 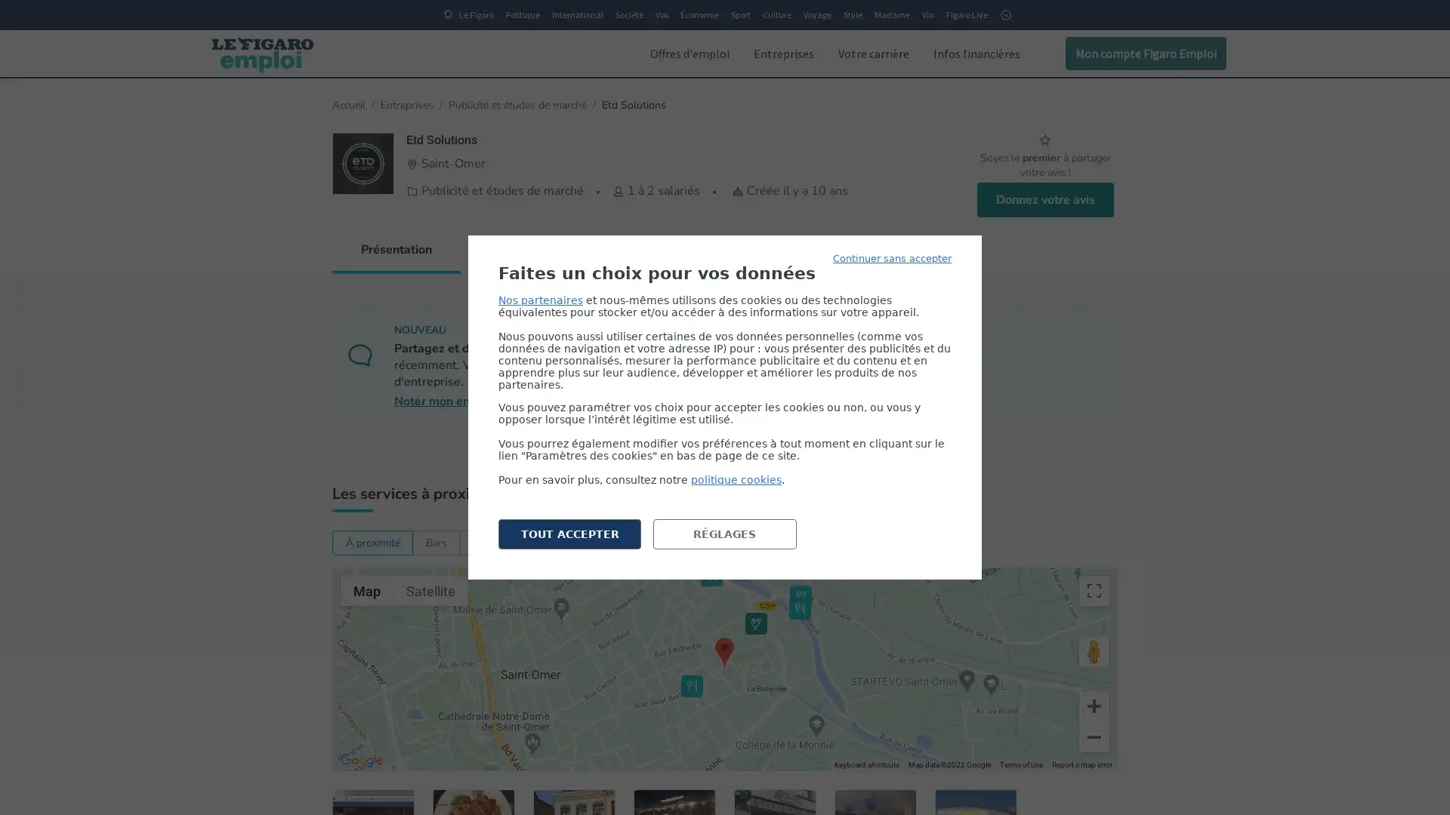 What do you see at coordinates (711, 575) in the screenshot?
I see `La Caze` at bounding box center [711, 575].